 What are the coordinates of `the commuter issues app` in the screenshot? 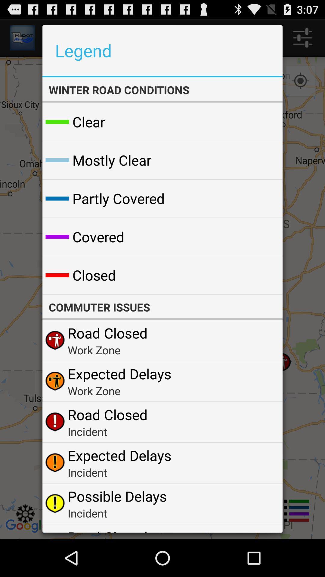 It's located at (162, 307).